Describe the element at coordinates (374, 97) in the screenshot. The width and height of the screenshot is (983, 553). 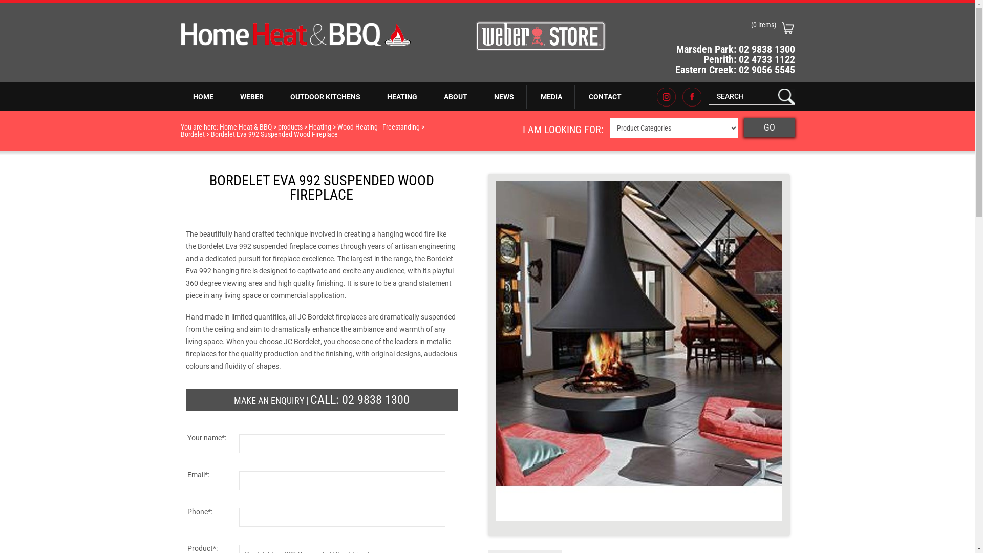
I see `'HEATING'` at that location.